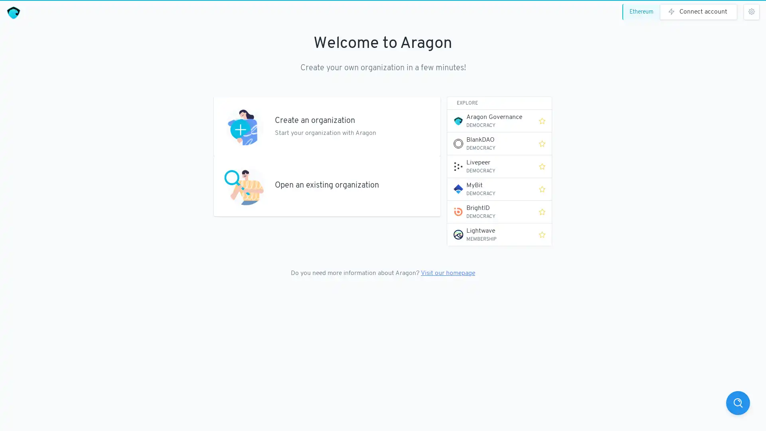 The height and width of the screenshot is (431, 766). Describe the element at coordinates (490, 121) in the screenshot. I see `Aragon Governance DEMOCRACY` at that location.